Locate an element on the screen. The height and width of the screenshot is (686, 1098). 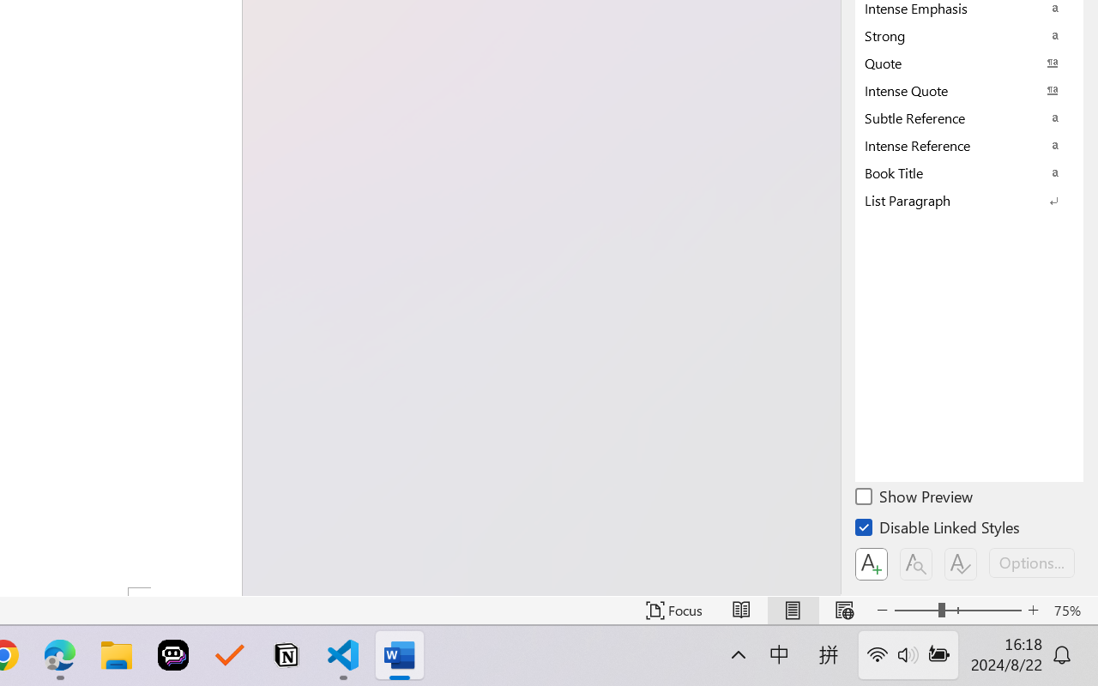
'List Paragraph' is located at coordinates (969, 200).